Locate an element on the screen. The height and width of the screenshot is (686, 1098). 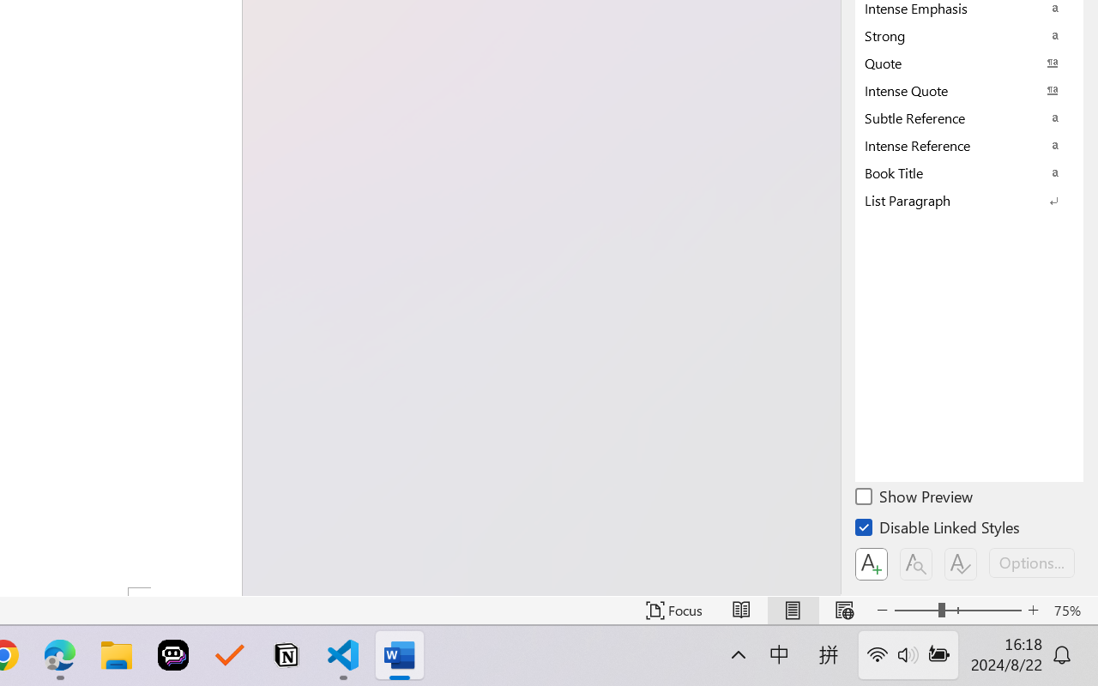
'List Paragraph' is located at coordinates (969, 200).